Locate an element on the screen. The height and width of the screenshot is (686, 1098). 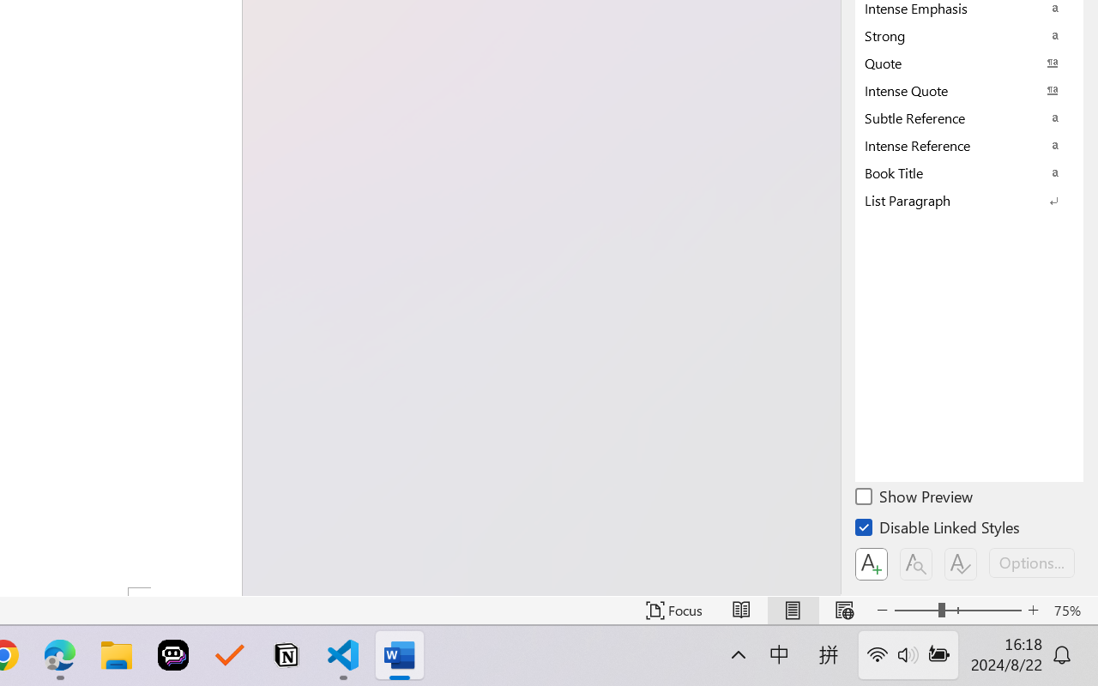
'List Paragraph' is located at coordinates (969, 200).